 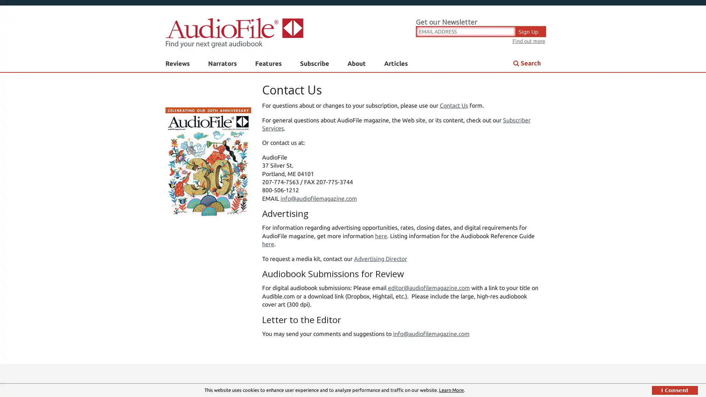 I want to click on Submit, so click(x=427, y=161).